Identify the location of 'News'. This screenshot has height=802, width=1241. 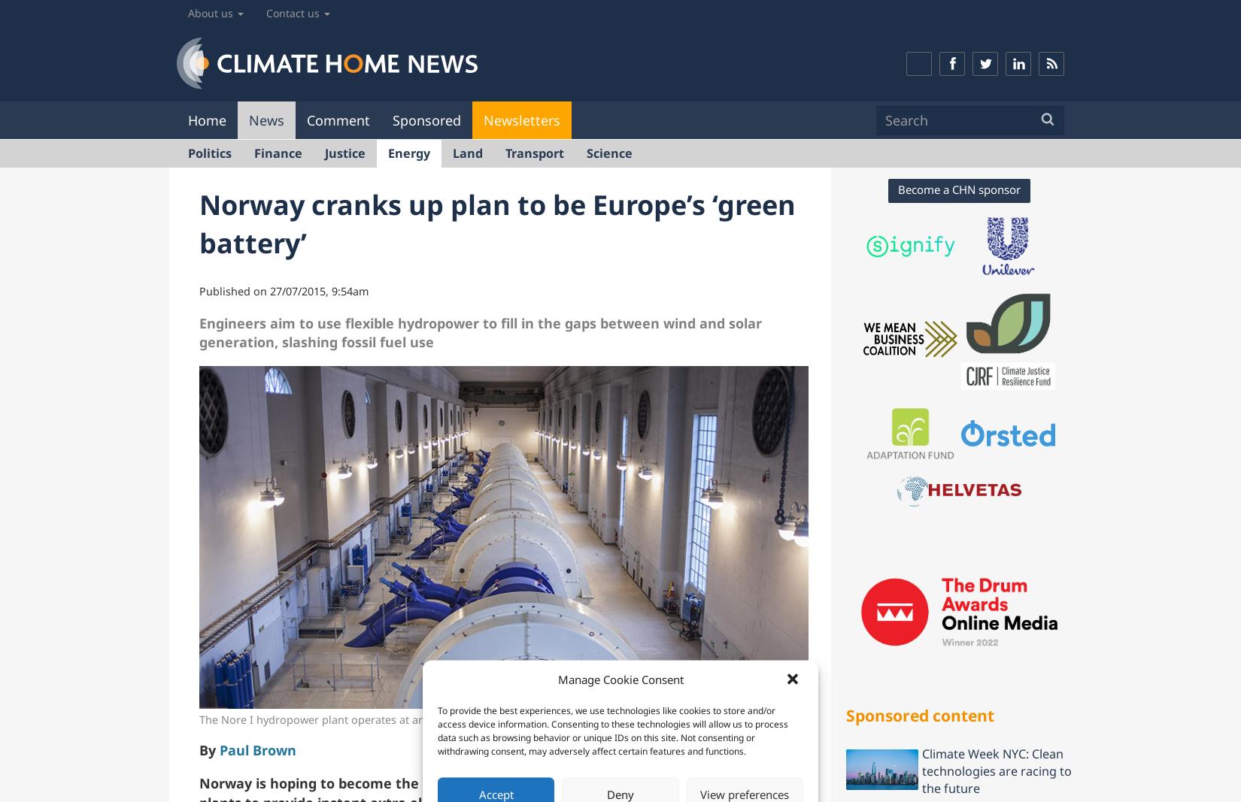
(266, 118).